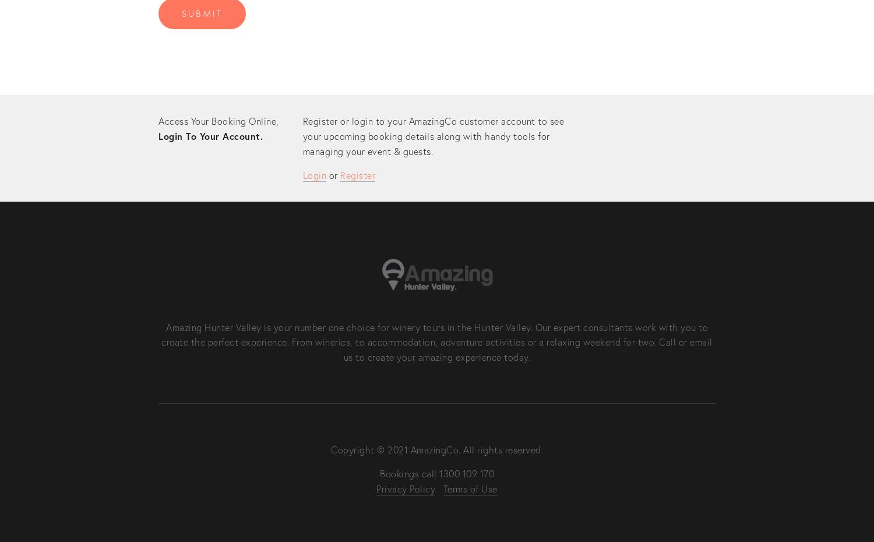  Describe the element at coordinates (438, 342) in the screenshot. I see `'Amazing Hunter Valley is your number one choice for winery tours in the Hunter Valley. Our expert consultants work with you to create the perfect experience. From wineries, to accommodation, adventure activities or a relaxing weekend for two. Call or email us to create your amazing experience today.'` at that location.